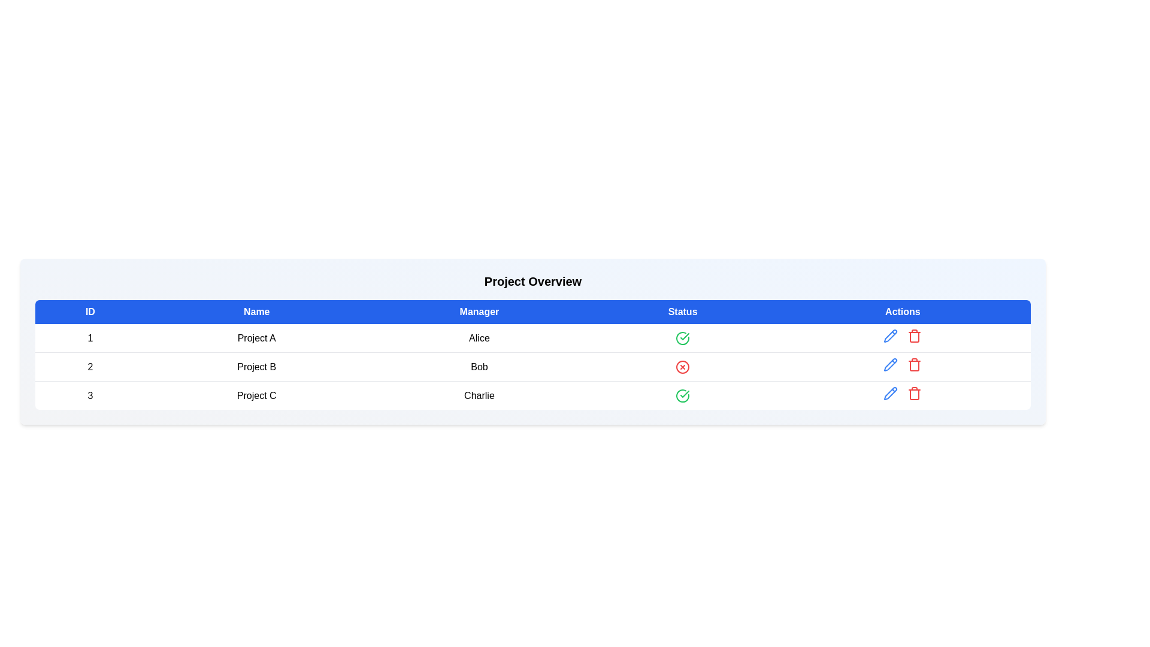  Describe the element at coordinates (479, 338) in the screenshot. I see `the content of the text label in the 'Manager' column of the first row under the 'Project Overview' heading` at that location.